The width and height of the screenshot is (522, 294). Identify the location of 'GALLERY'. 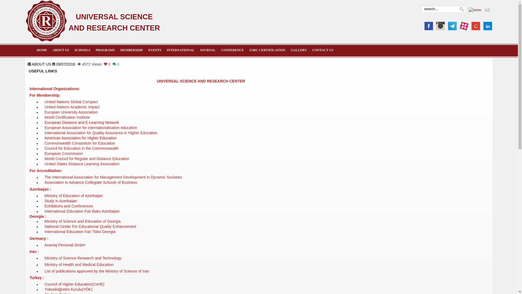
(299, 50).